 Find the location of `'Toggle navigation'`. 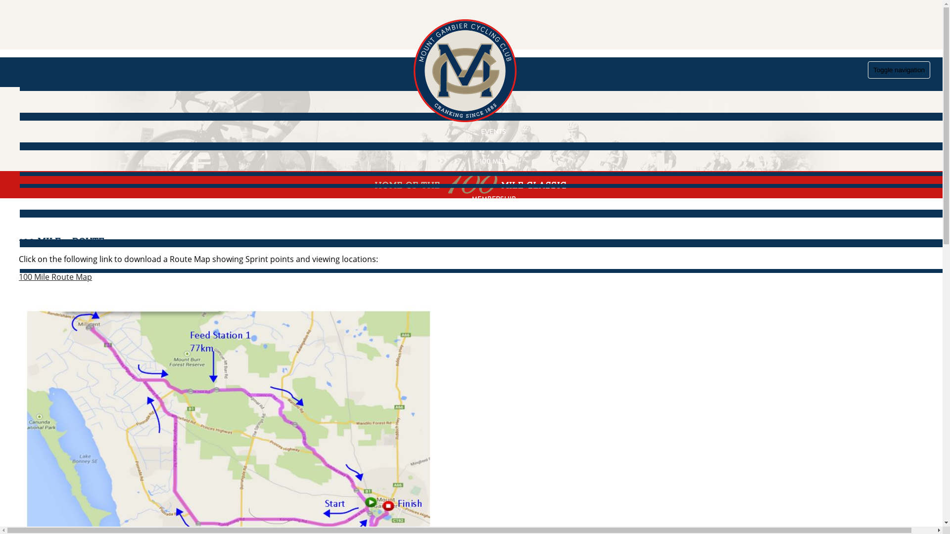

'Toggle navigation' is located at coordinates (899, 69).